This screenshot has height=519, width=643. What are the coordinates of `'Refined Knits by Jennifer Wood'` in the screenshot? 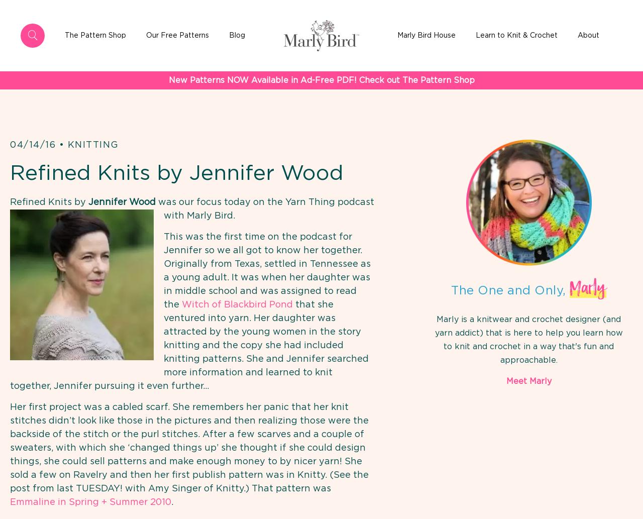 It's located at (10, 173).